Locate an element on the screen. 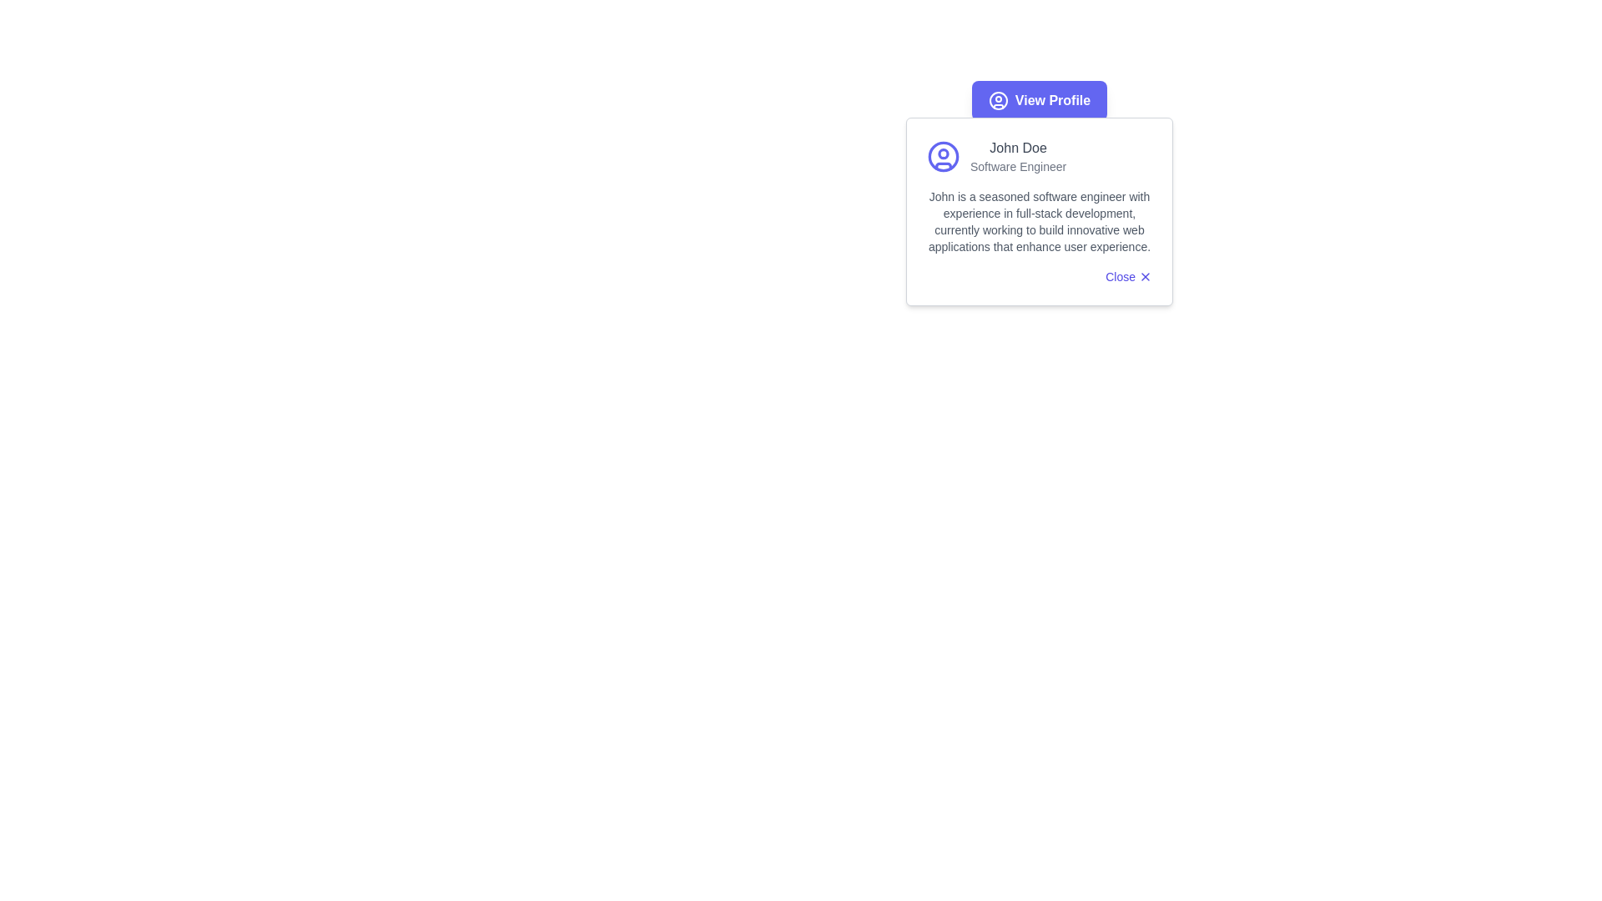 The width and height of the screenshot is (1602, 901). descriptive text paragraph styled in gray, which details John as a skilled software engineer, located within the card below the title and subtitle and above the 'Close' button is located at coordinates (1039, 221).